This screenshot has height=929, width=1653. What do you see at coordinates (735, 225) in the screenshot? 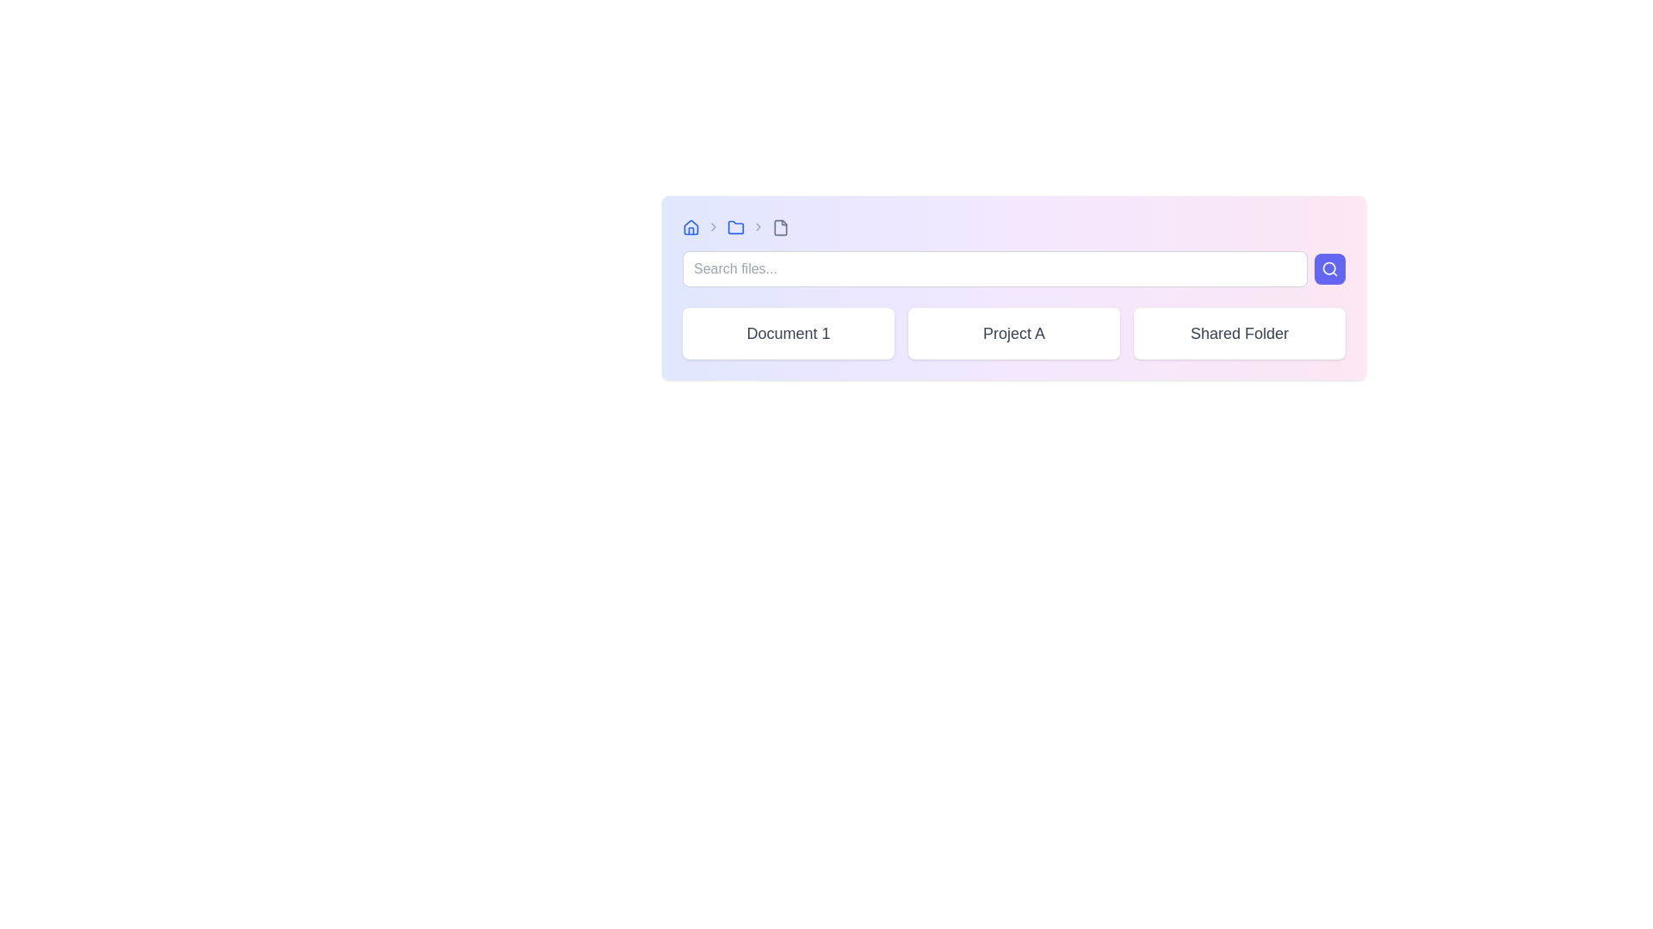
I see `the clickable blue folder icon located in the navigation bar, positioned between two right-chevron icons` at bounding box center [735, 225].